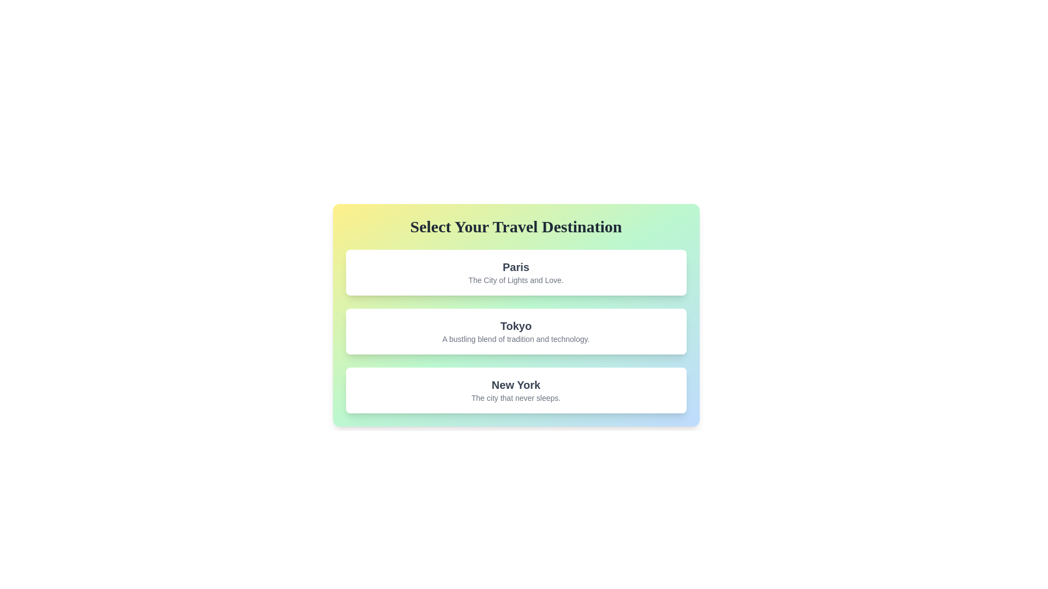 The image size is (1048, 589). What do you see at coordinates (515, 338) in the screenshot?
I see `the static text element that provides a descriptive tagline for the 'Tokyo' travel card, located directly under the title 'Tokyo' within the middle card of three vertical cards (Paris, Tokyo, New York)` at bounding box center [515, 338].